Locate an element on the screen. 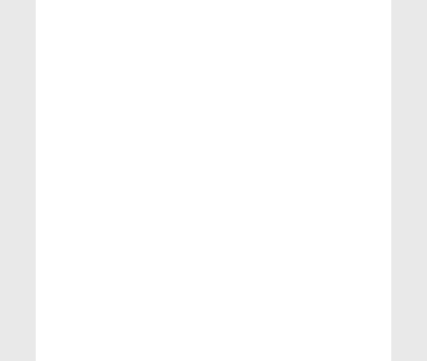 This screenshot has width=427, height=361. 'Nepal' is located at coordinates (314, 12).